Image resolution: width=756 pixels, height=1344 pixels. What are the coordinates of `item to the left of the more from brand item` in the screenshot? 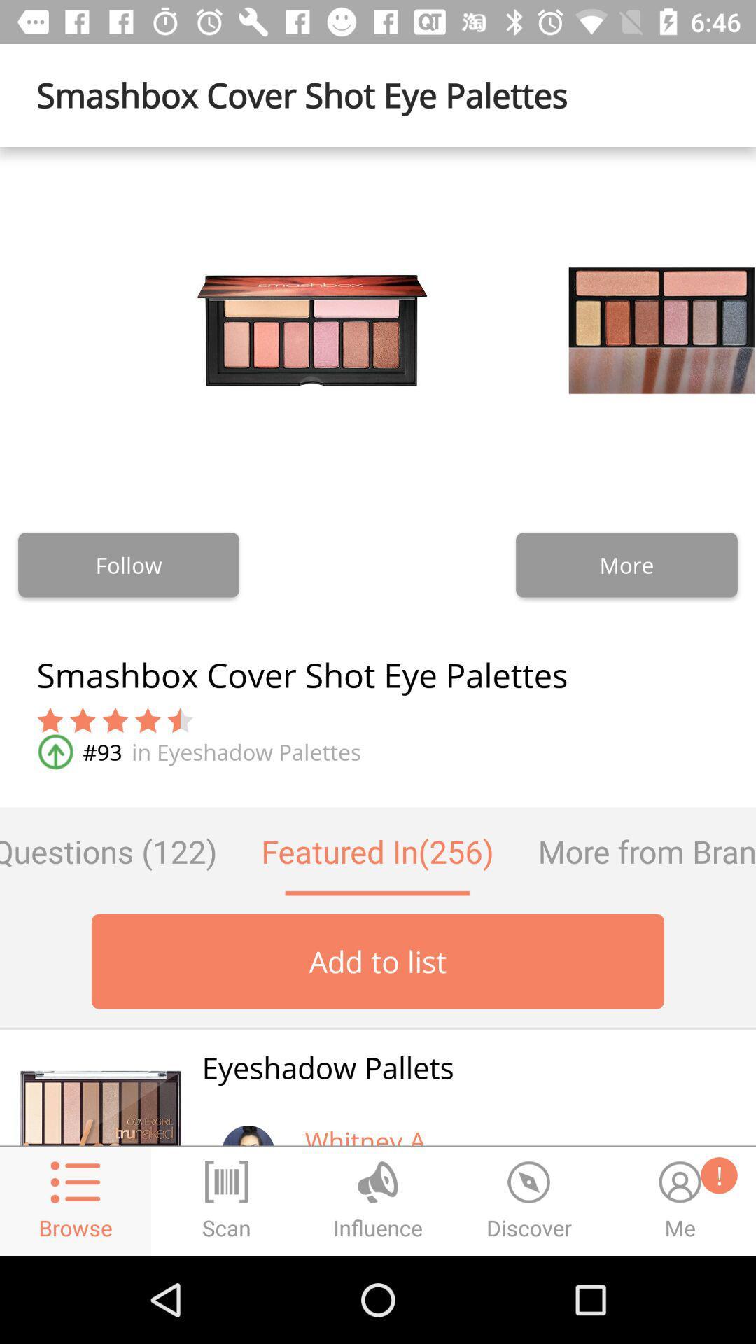 It's located at (377, 850).